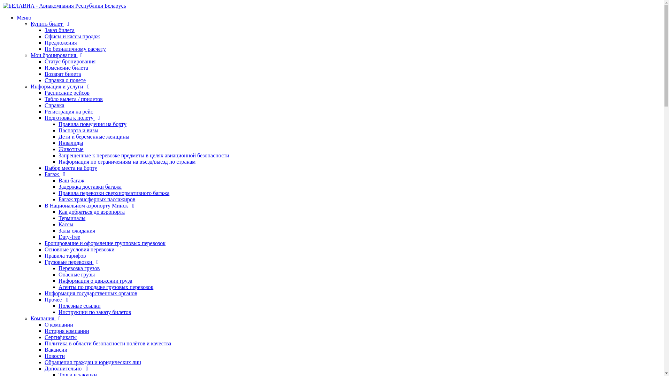  Describe the element at coordinates (69, 236) in the screenshot. I see `'Duty-free'` at that location.